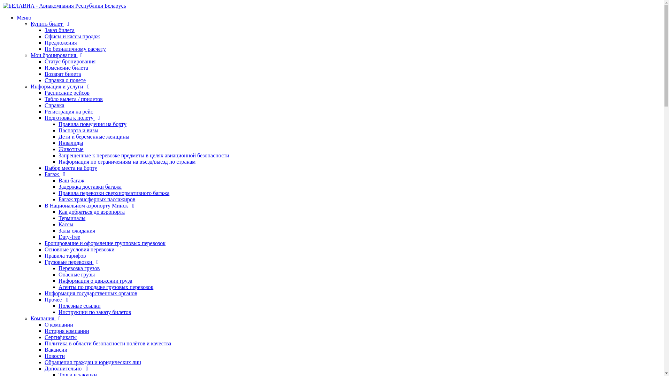  Describe the element at coordinates (69, 236) in the screenshot. I see `'Duty-free'` at that location.